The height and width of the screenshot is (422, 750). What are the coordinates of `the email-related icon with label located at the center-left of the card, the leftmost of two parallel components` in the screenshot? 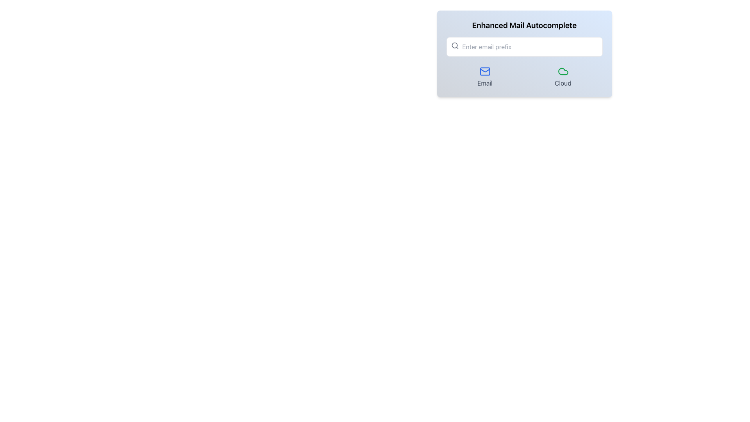 It's located at (484, 77).